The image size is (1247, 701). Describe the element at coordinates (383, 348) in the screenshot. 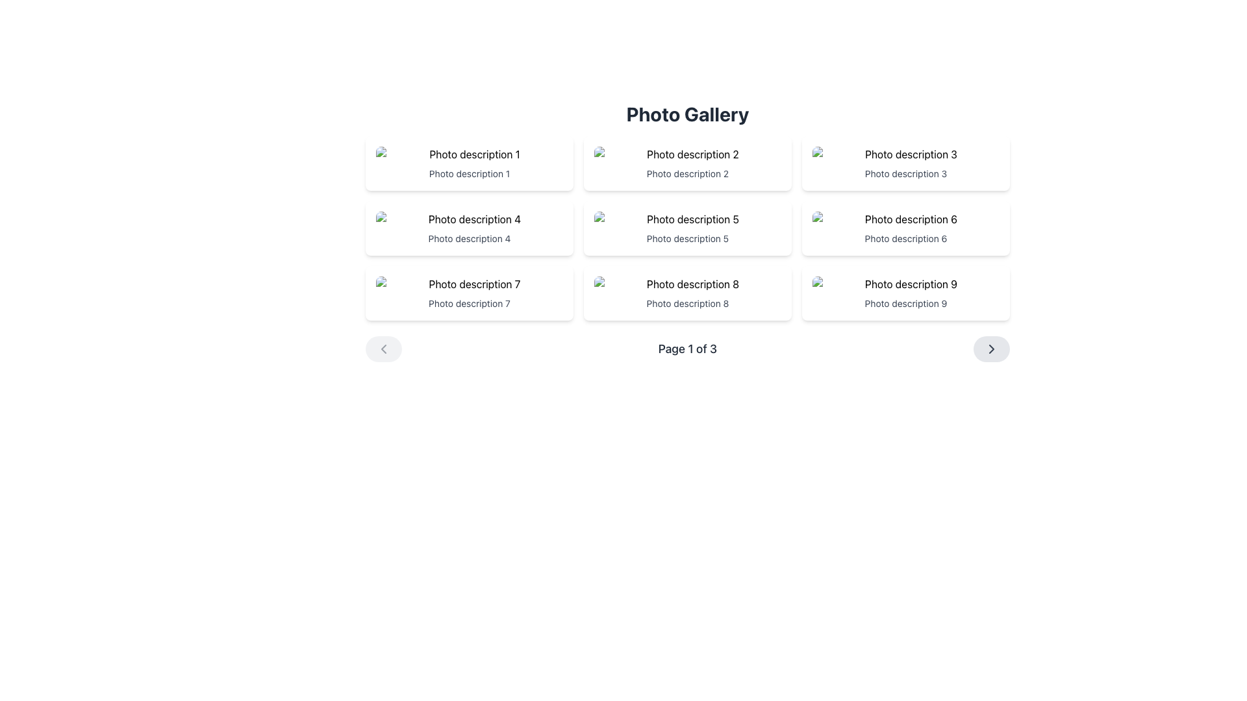

I see `the back navigation button located at the bottom left corner of the pagination control area` at that location.